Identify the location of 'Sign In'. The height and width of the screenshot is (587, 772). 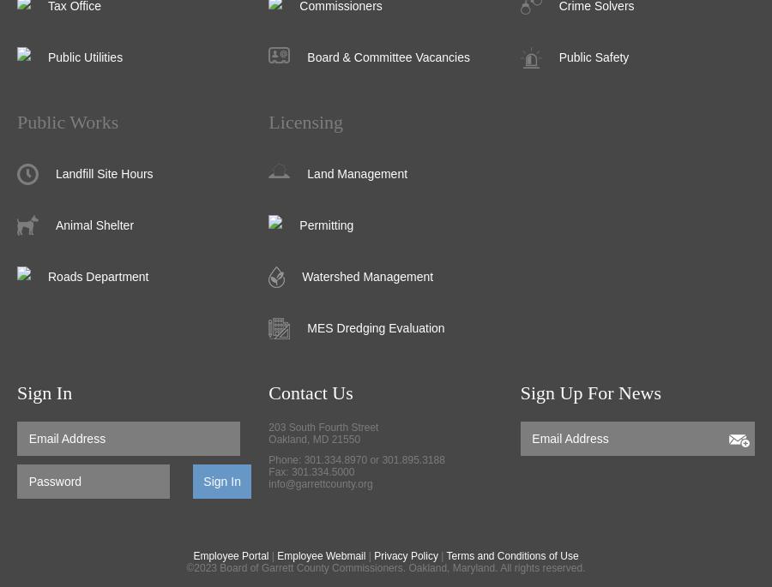
(15, 392).